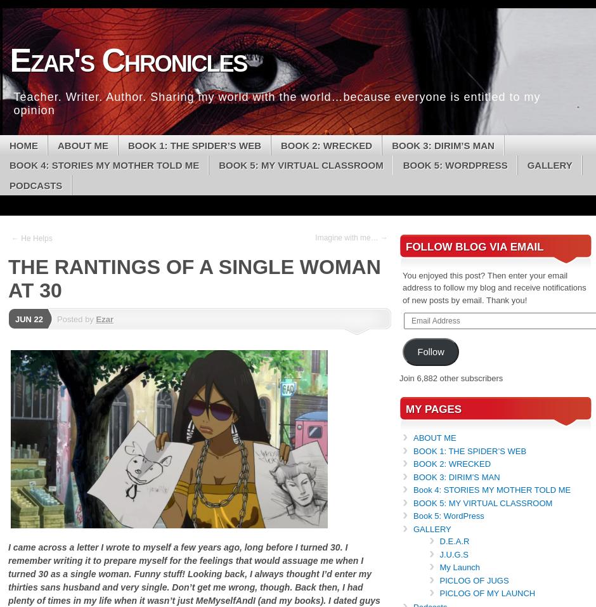 The image size is (596, 607). What do you see at coordinates (473, 580) in the screenshot?
I see `'PICLOG OF JUGS'` at bounding box center [473, 580].